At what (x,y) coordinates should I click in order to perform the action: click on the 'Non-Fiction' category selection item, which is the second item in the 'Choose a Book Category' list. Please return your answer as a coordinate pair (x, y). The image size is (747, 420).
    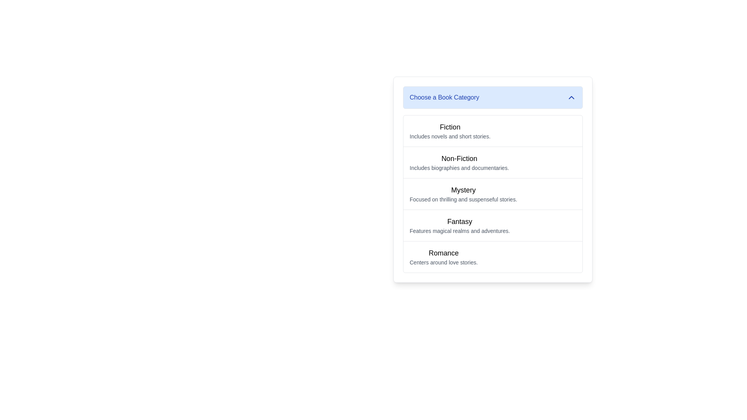
    Looking at the image, I should click on (493, 162).